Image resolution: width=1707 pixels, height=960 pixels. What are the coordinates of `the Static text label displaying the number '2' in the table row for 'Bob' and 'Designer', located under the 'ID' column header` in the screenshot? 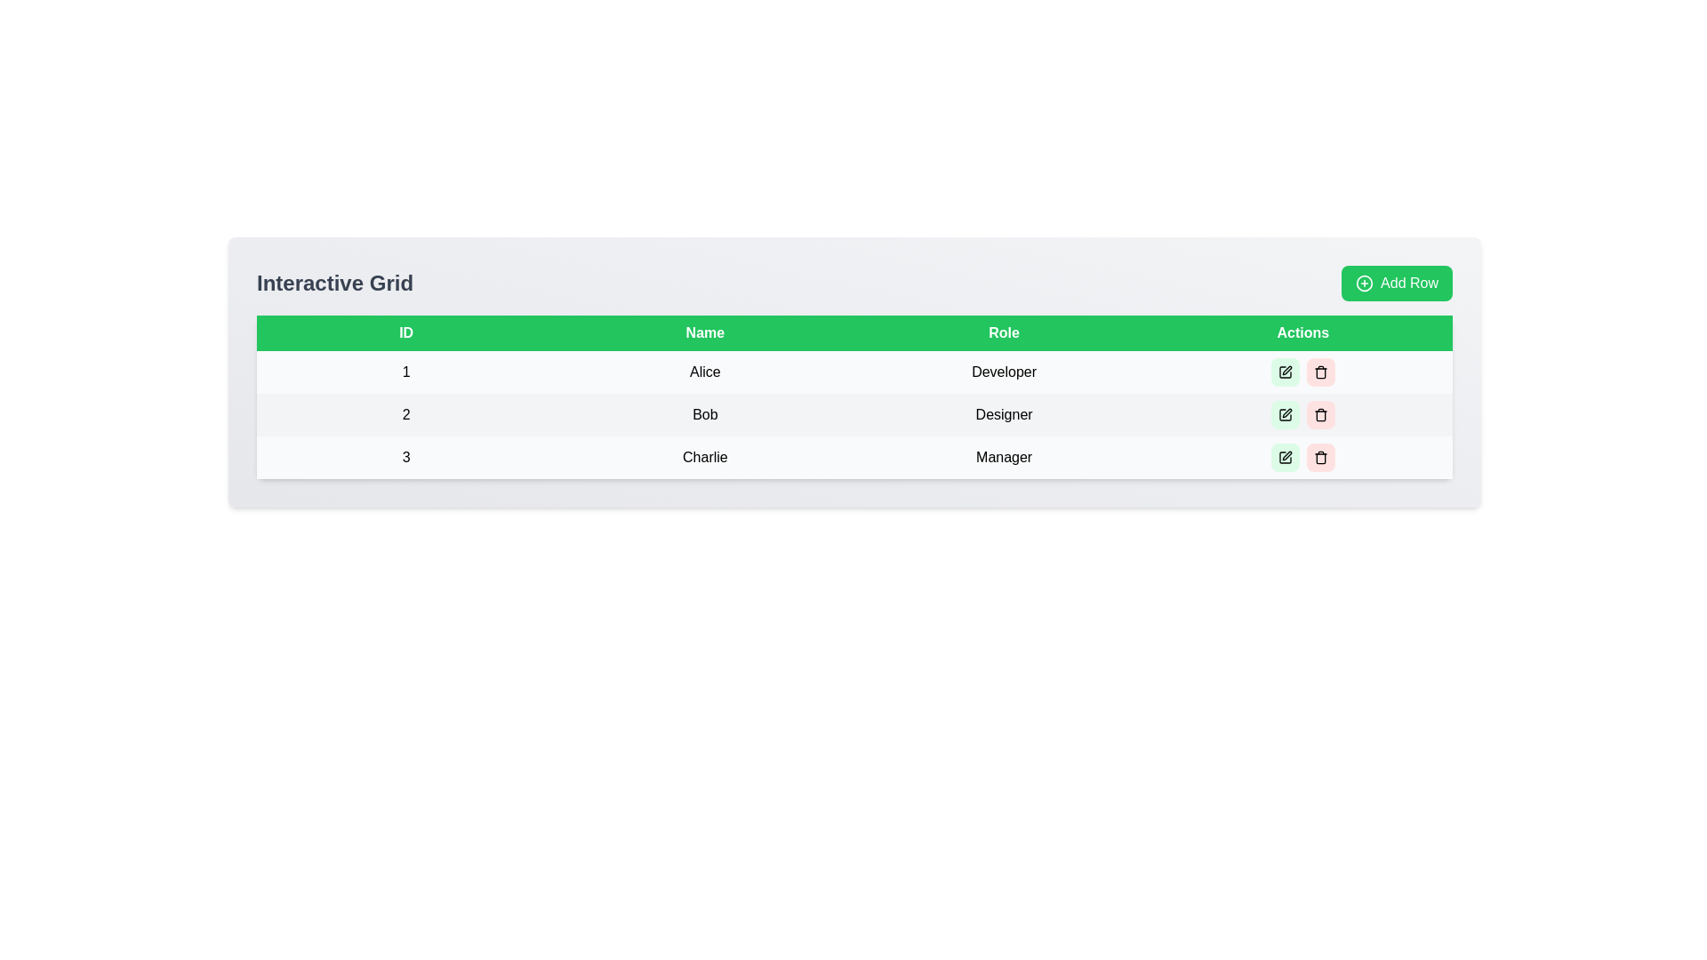 It's located at (405, 414).